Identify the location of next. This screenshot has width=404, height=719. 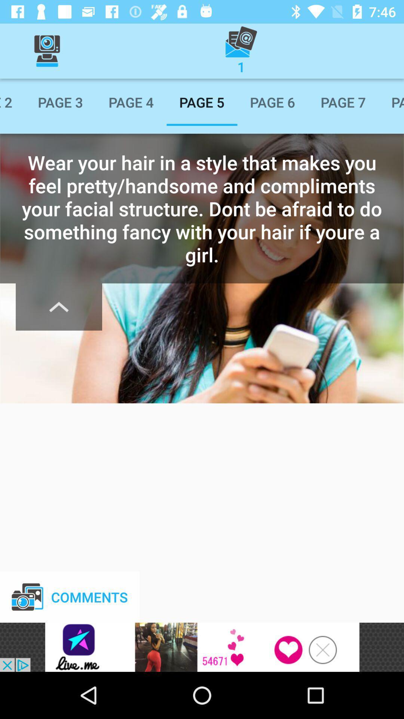
(58, 307).